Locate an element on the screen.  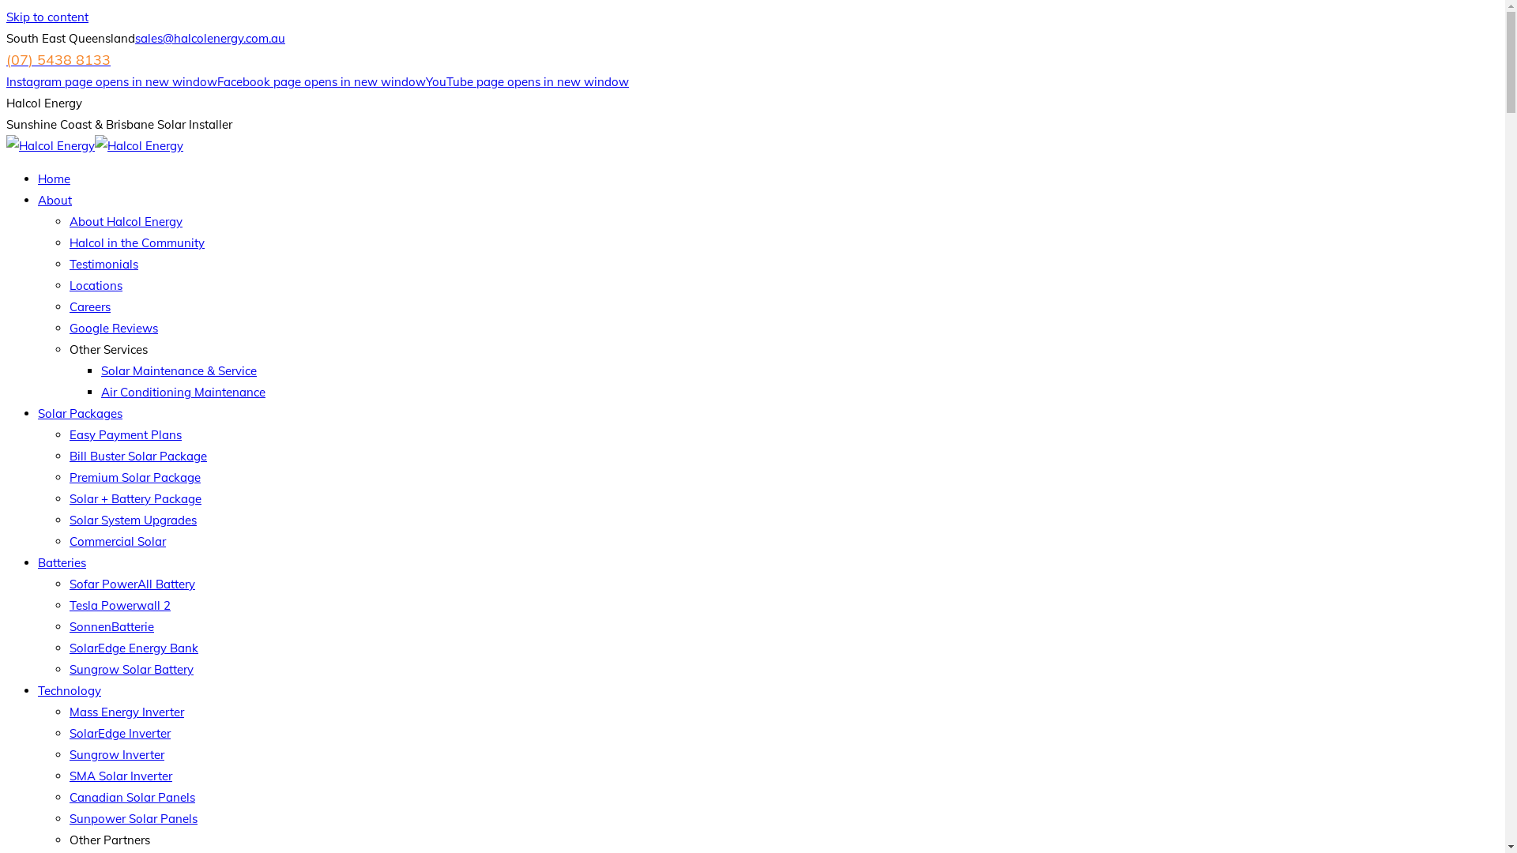
'Bill Buster Solar Package' is located at coordinates (68, 456).